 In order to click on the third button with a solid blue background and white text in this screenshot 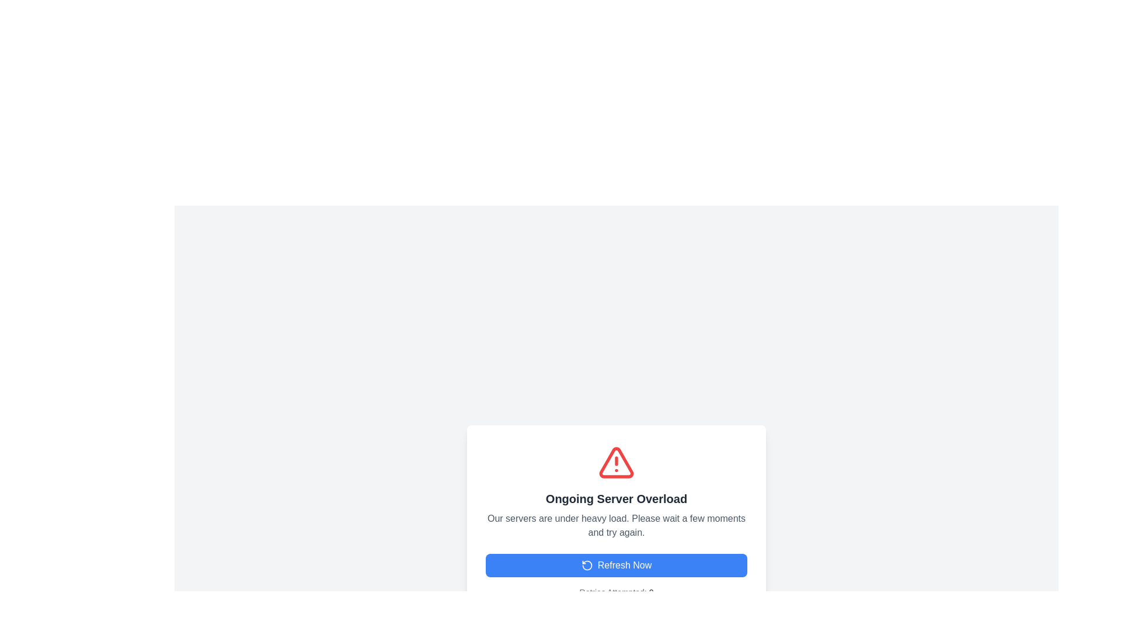, I will do `click(616, 565)`.